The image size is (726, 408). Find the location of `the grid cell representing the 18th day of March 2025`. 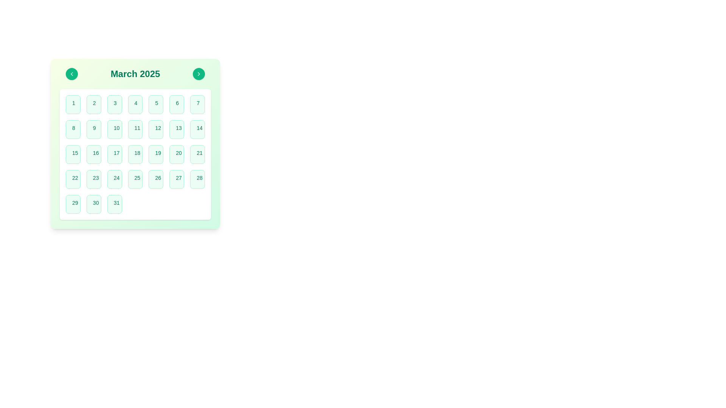

the grid cell representing the 18th day of March 2025 is located at coordinates (135, 154).